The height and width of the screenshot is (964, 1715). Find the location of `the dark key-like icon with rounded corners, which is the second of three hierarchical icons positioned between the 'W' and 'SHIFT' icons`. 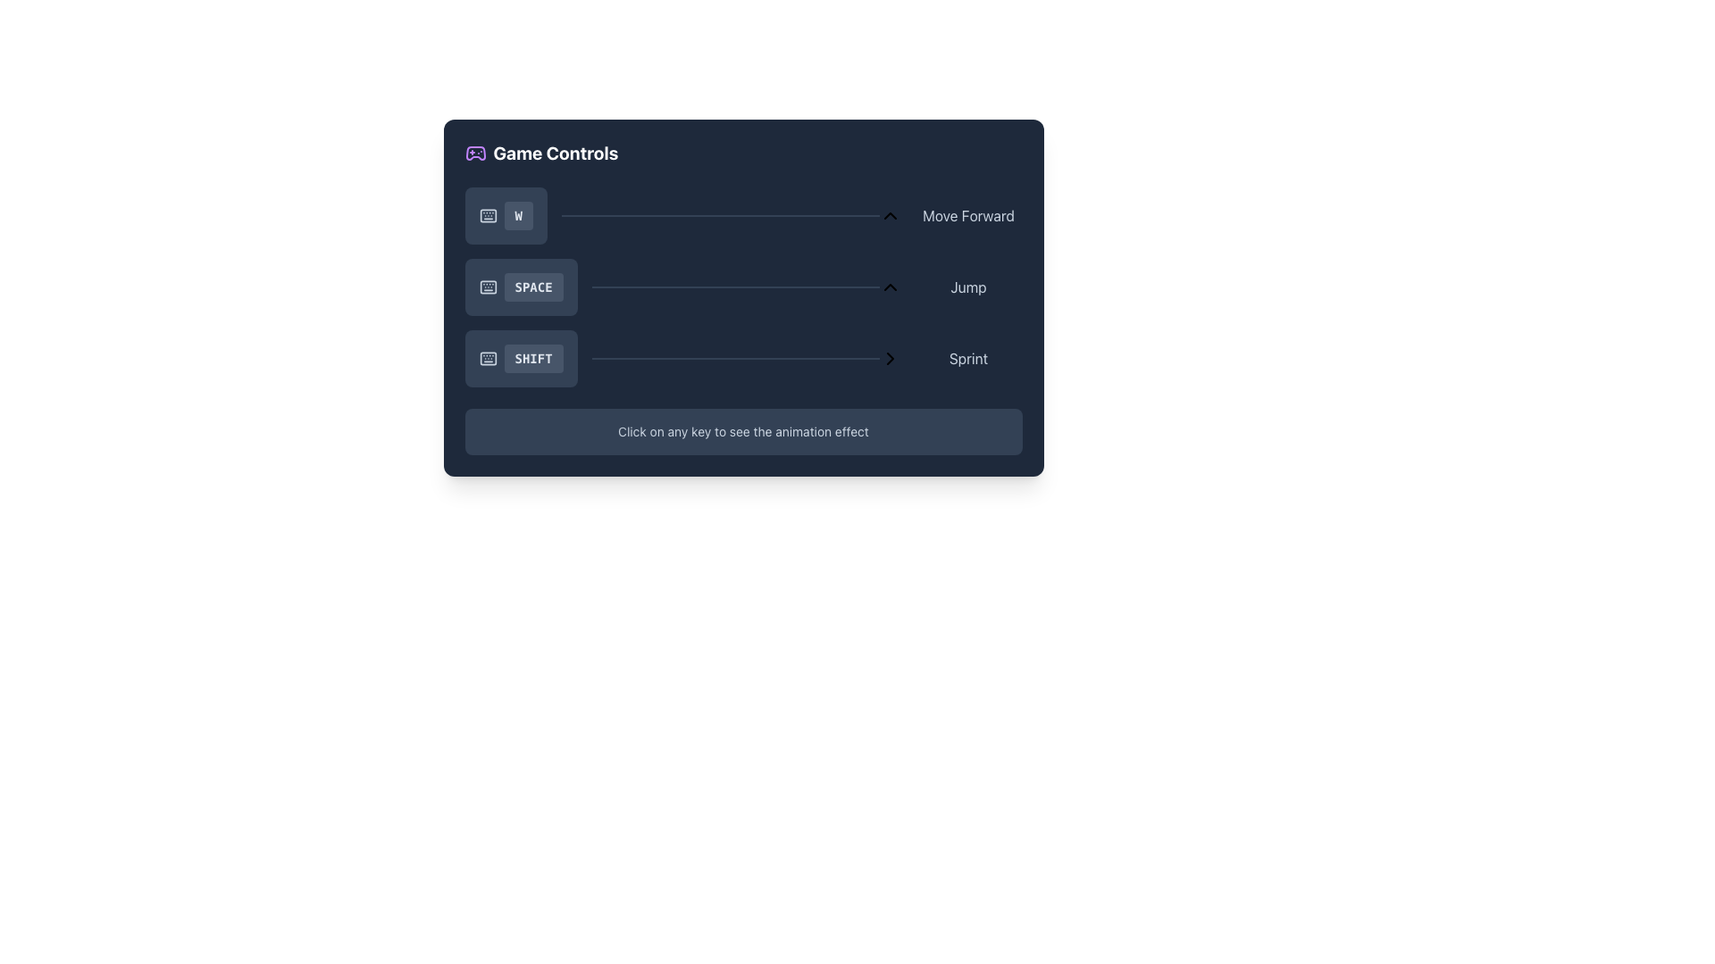

the dark key-like icon with rounded corners, which is the second of three hierarchical icons positioned between the 'W' and 'SHIFT' icons is located at coordinates (488, 286).